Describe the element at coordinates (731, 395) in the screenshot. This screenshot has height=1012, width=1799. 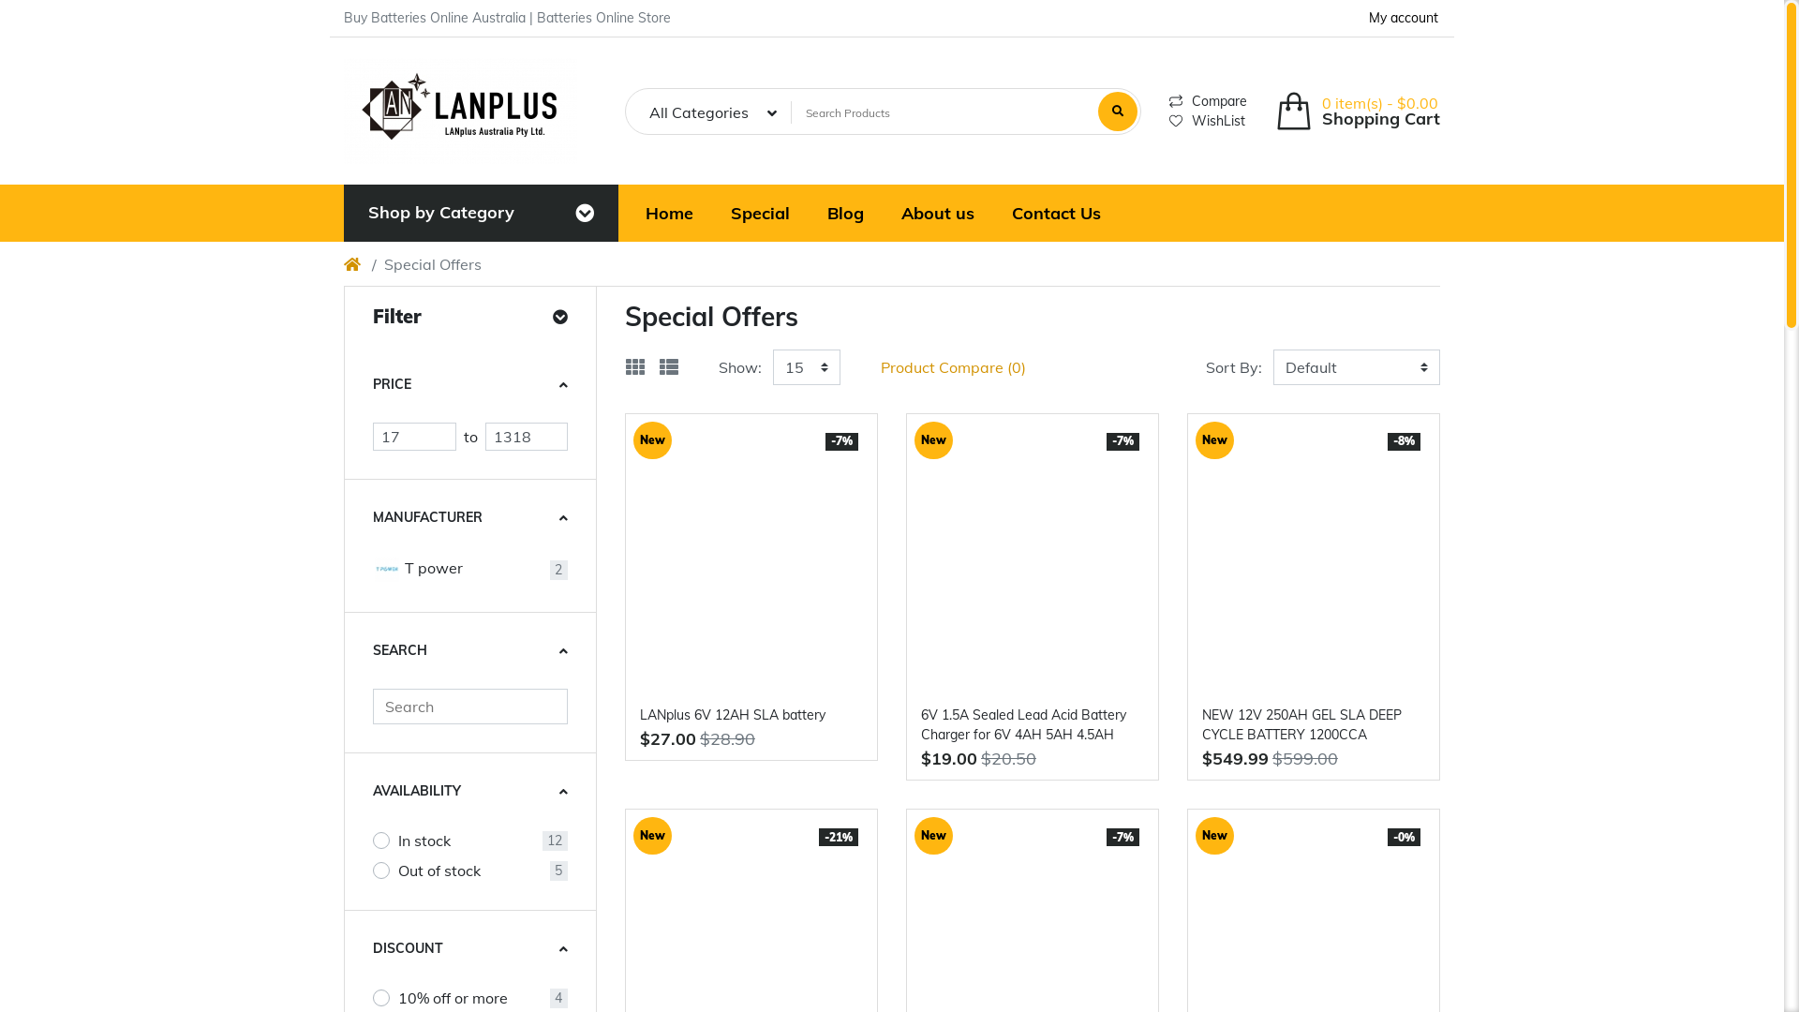
I see `'Add to Wish List'` at that location.